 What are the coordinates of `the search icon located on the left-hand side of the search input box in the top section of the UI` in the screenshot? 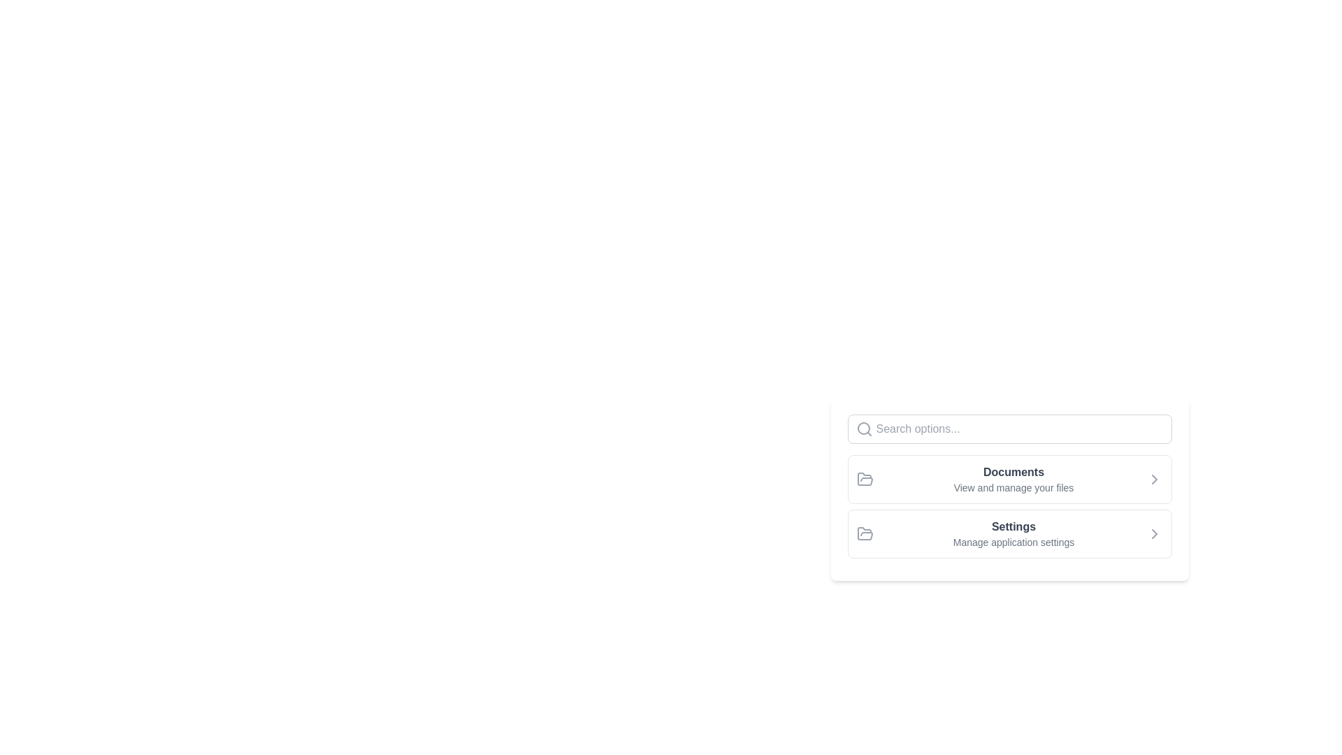 It's located at (863, 428).